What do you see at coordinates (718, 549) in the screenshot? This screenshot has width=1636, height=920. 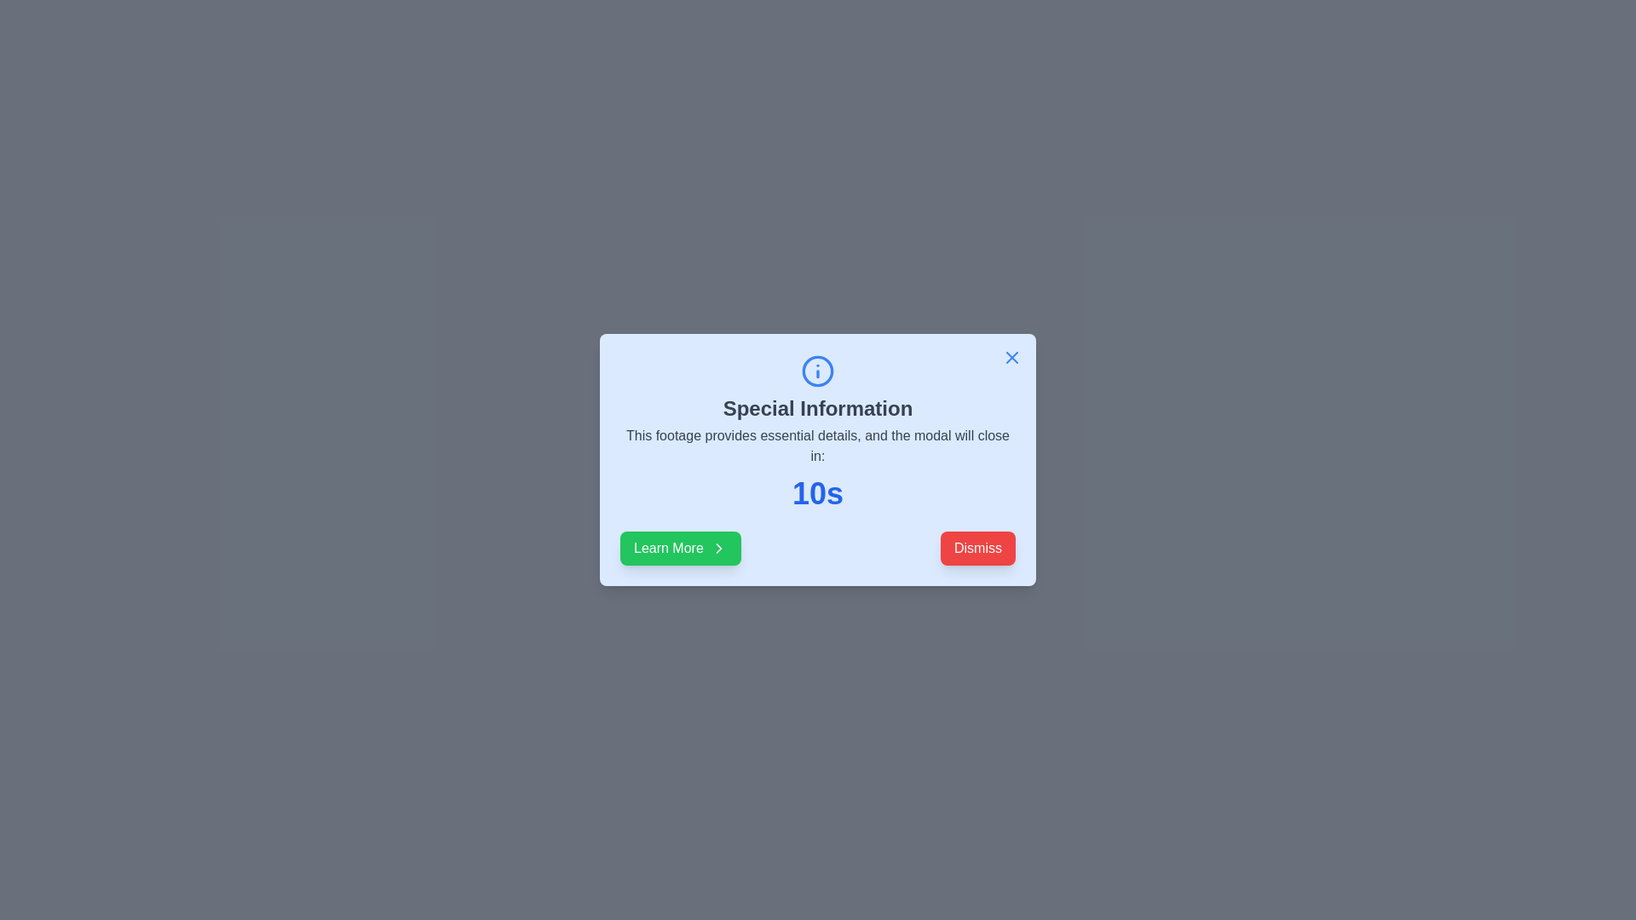 I see `the small chevron-shaped icon pointing to the right, which is located within the green 'Learn More' button on the lower left side of the modal dialog` at bounding box center [718, 549].